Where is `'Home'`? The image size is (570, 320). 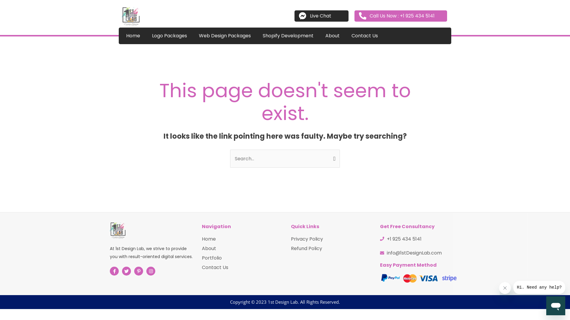 'Home' is located at coordinates (133, 36).